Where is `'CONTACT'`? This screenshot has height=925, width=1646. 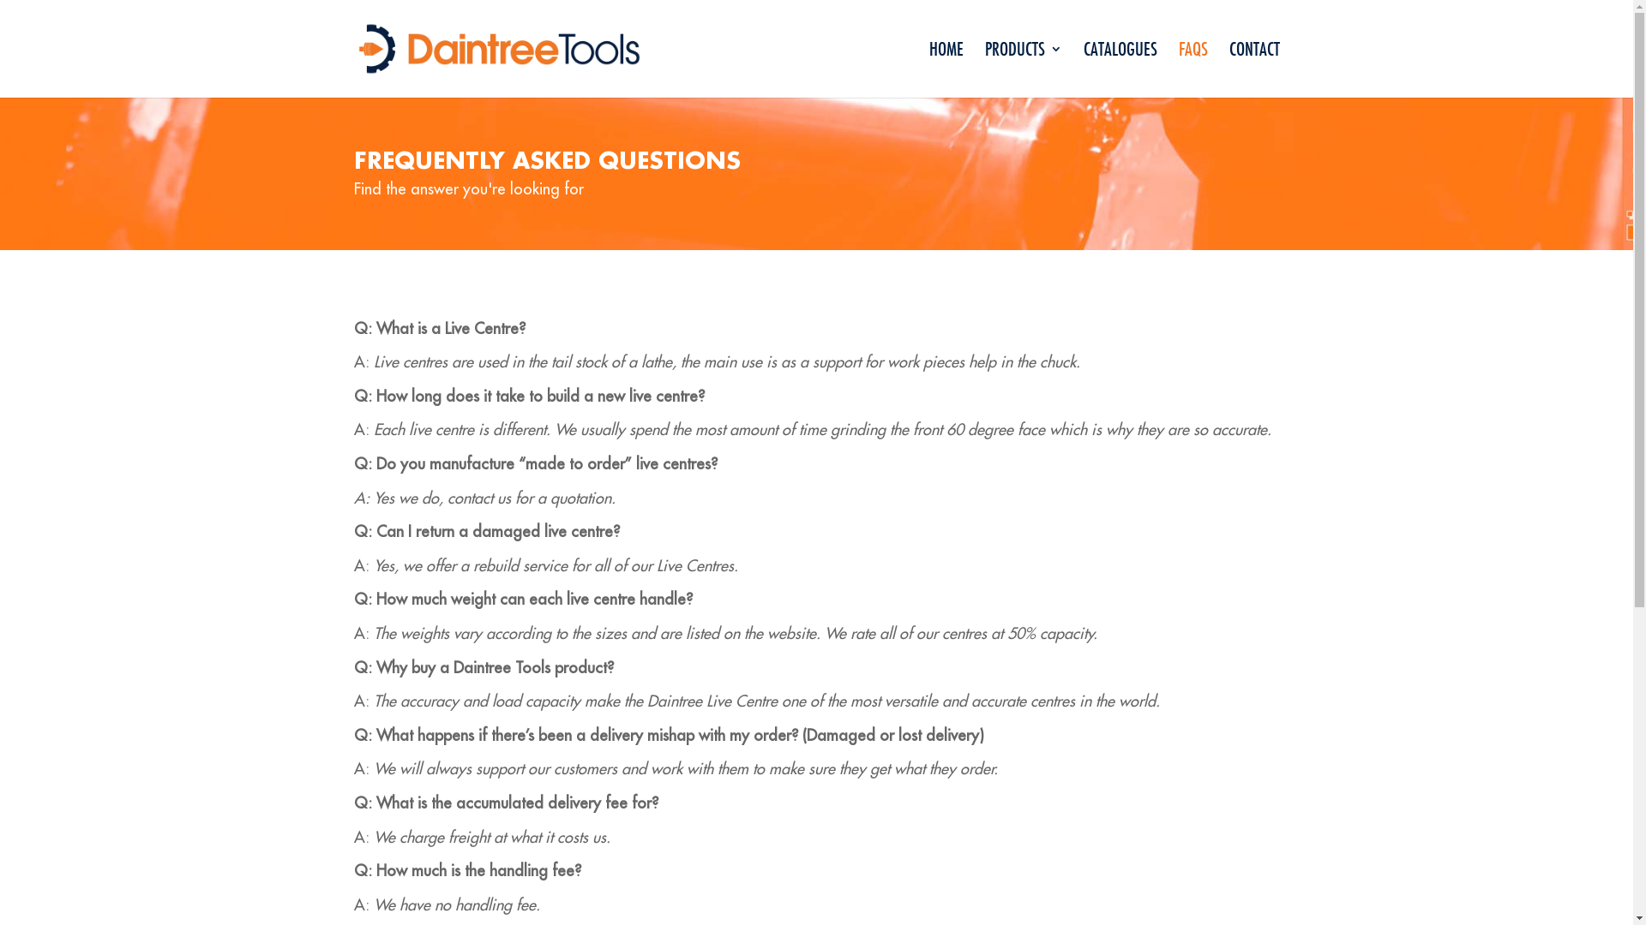 'CONTACT' is located at coordinates (1254, 69).